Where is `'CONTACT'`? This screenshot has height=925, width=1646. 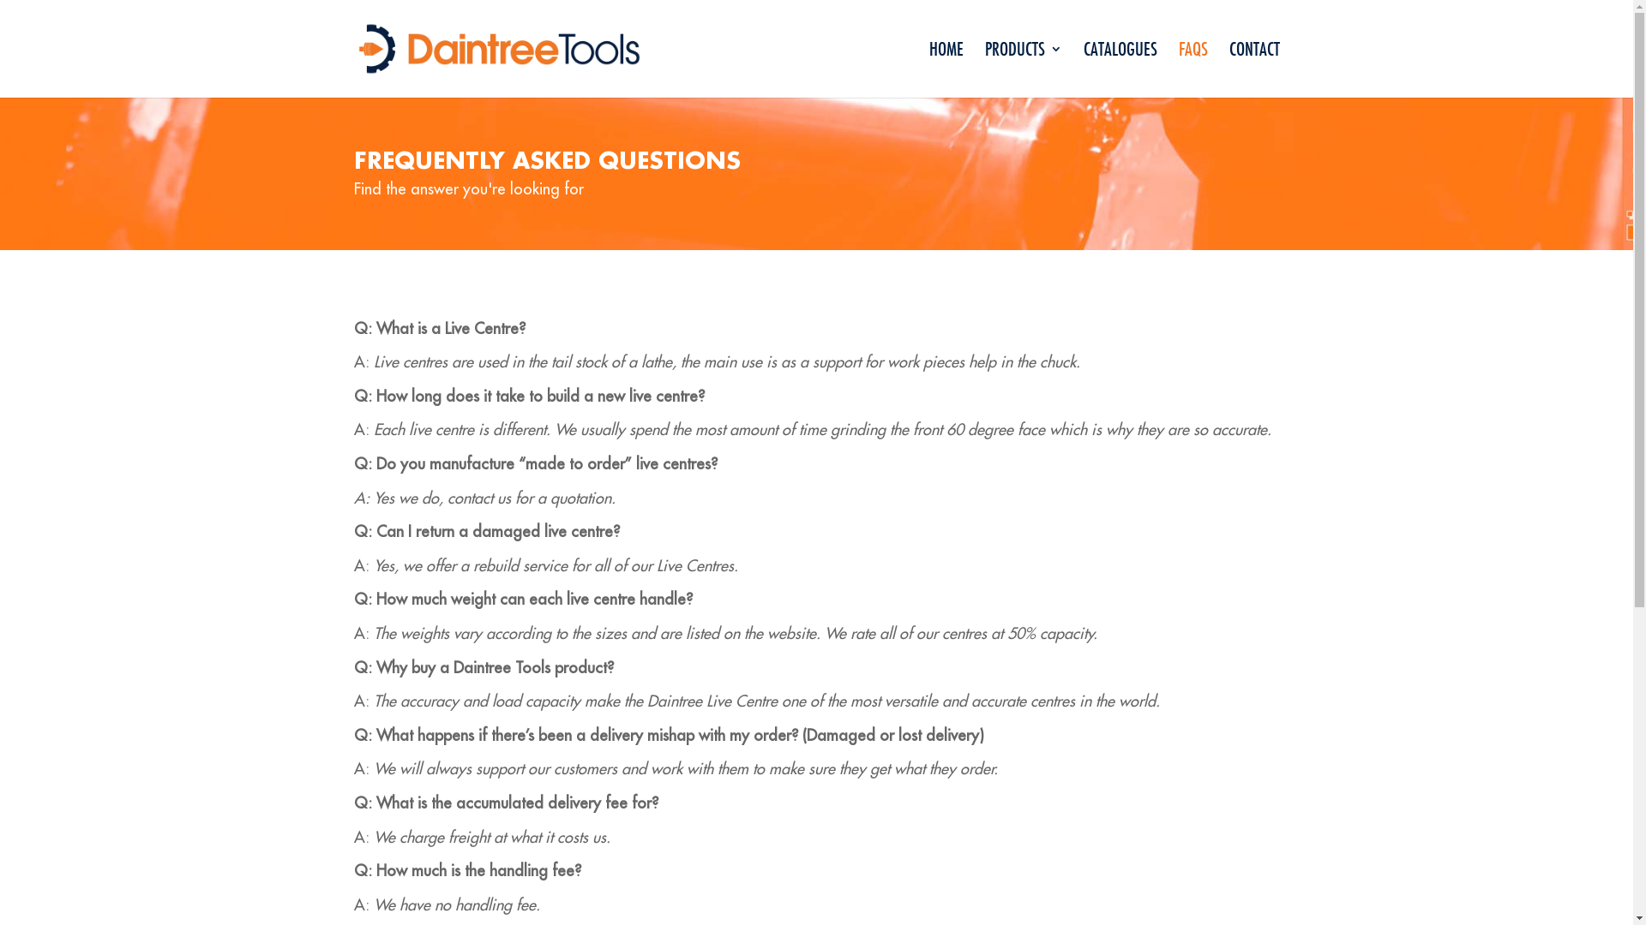 'CONTACT' is located at coordinates (1254, 69).